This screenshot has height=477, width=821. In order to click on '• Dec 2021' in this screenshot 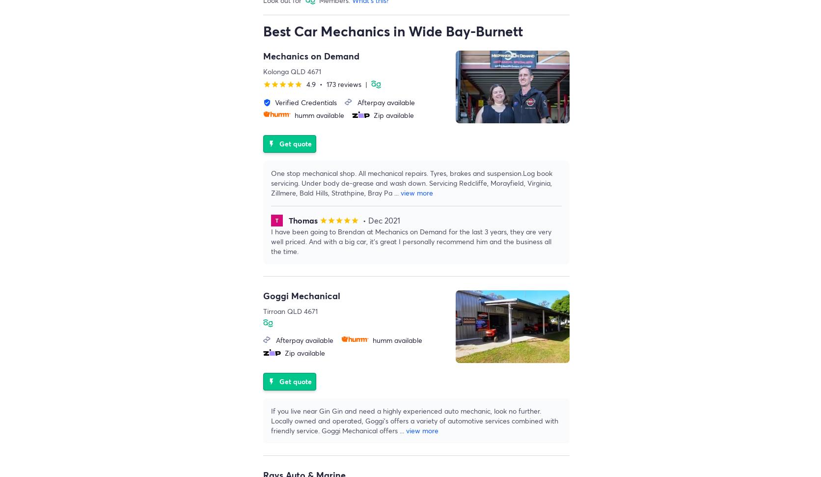, I will do `click(381, 220)`.